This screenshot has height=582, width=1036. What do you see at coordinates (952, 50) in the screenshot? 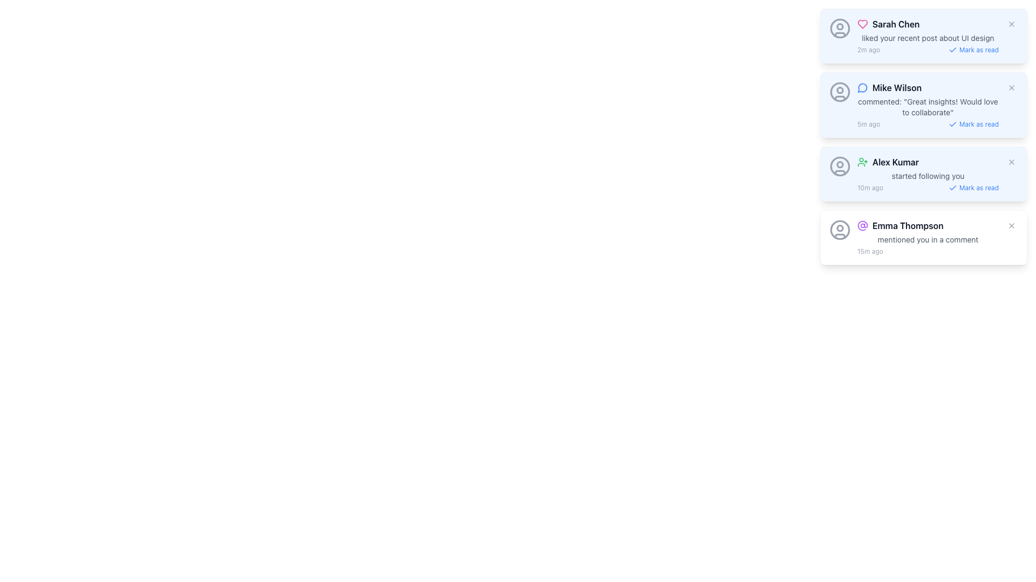
I see `the small checkmark icon located to the left of the 'Mark as read' text in the top notification card` at bounding box center [952, 50].